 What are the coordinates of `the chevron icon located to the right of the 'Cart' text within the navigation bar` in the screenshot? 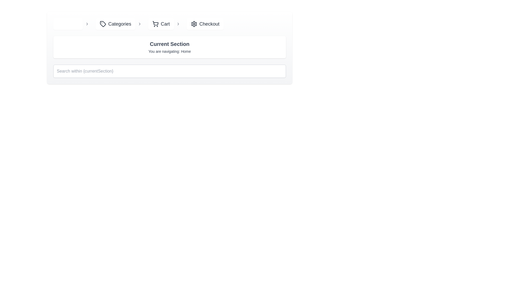 It's located at (178, 24).